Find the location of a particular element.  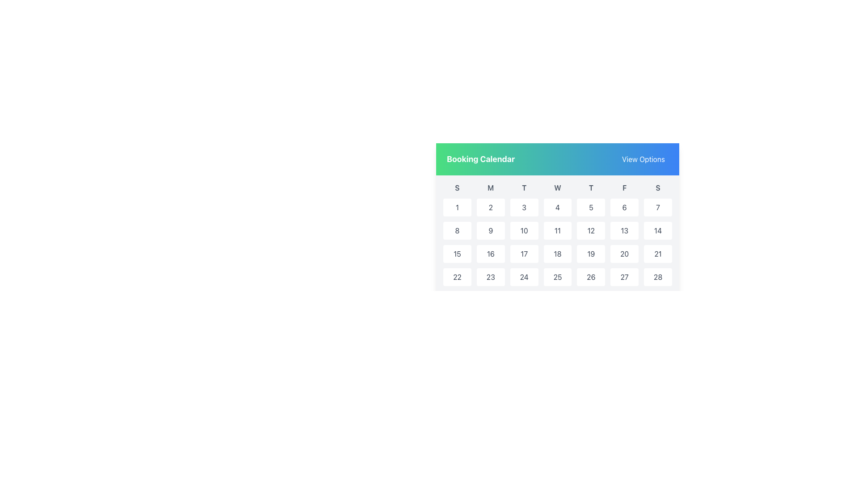

on the date '24' text element within the calendar tile is located at coordinates (524, 277).